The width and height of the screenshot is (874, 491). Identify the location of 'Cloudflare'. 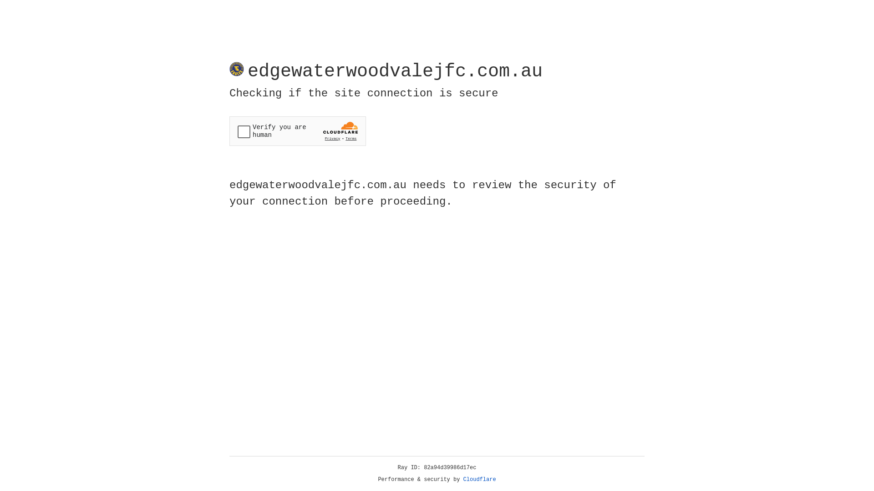
(479, 479).